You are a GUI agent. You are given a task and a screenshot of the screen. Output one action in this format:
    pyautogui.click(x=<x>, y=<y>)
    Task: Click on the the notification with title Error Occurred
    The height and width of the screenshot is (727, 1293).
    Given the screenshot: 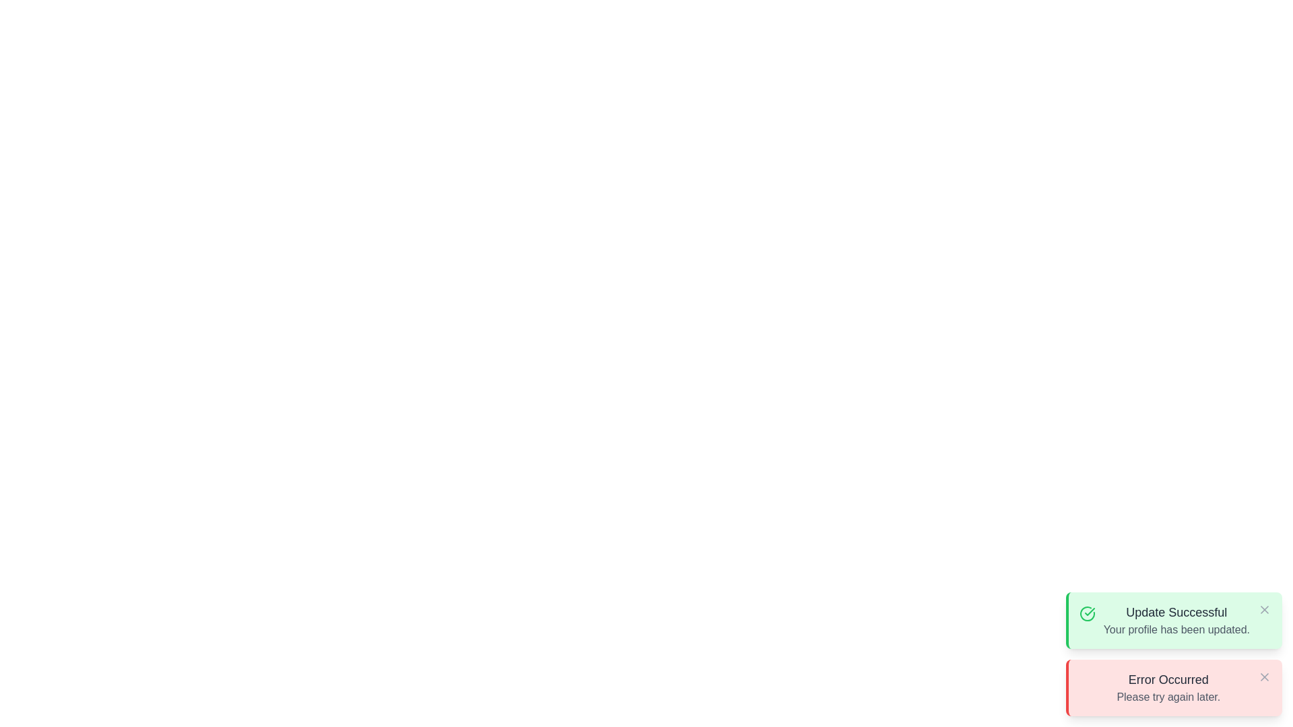 What is the action you would take?
    pyautogui.click(x=1172, y=688)
    